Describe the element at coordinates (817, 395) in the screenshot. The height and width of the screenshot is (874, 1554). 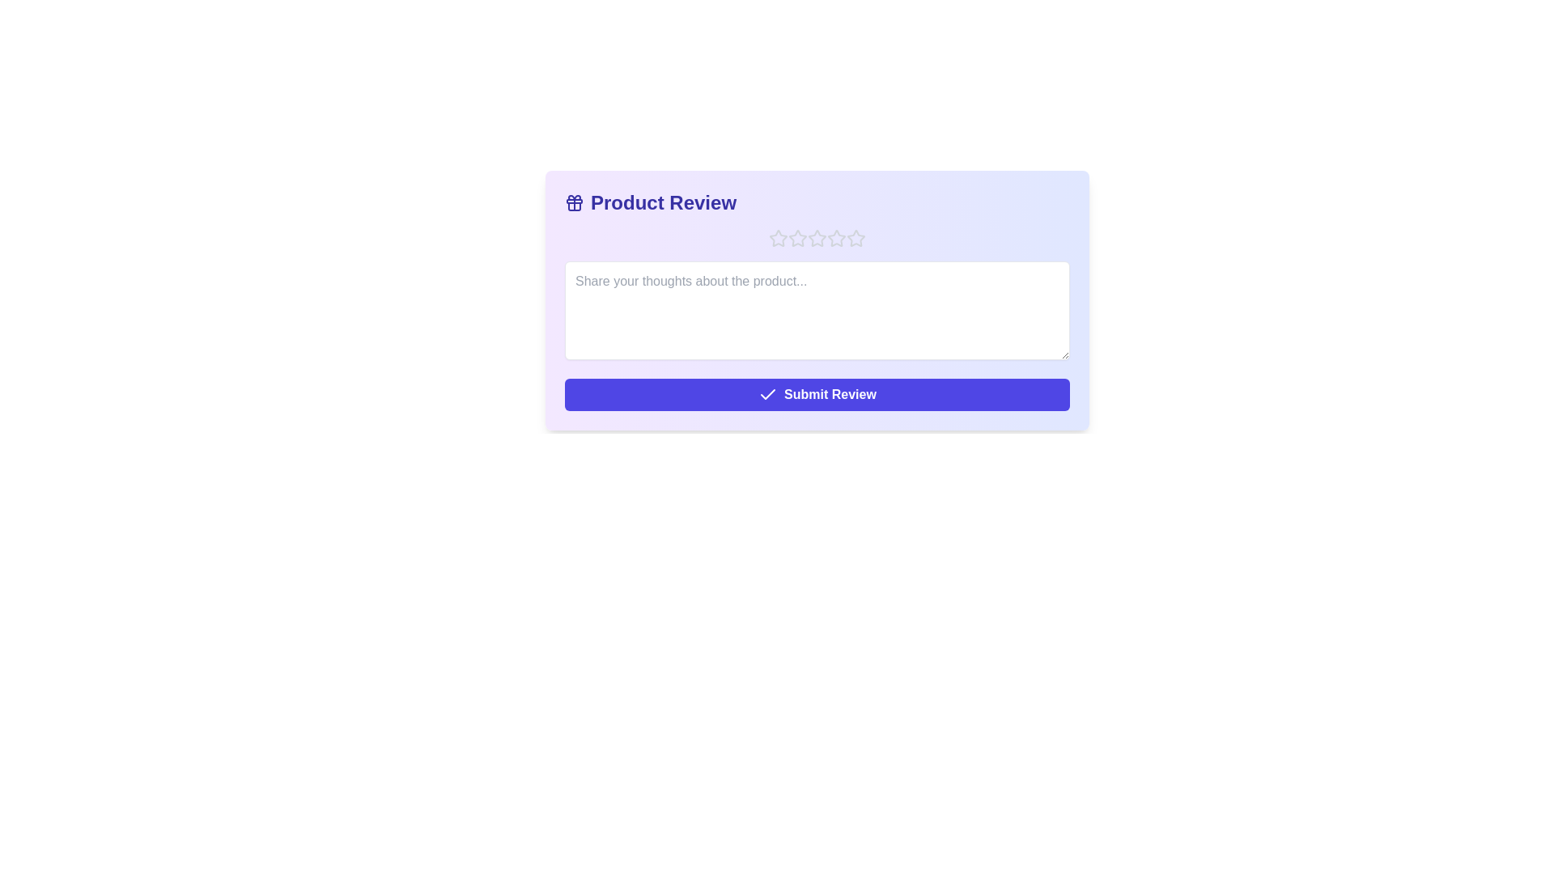
I see `the 'Submit Review' button to submit the review` at that location.